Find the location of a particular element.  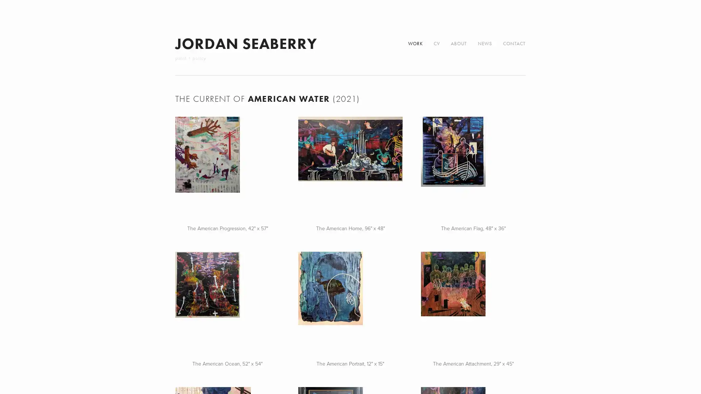

View fullsize The American Portrait, 12" x 15" is located at coordinates (350, 304).